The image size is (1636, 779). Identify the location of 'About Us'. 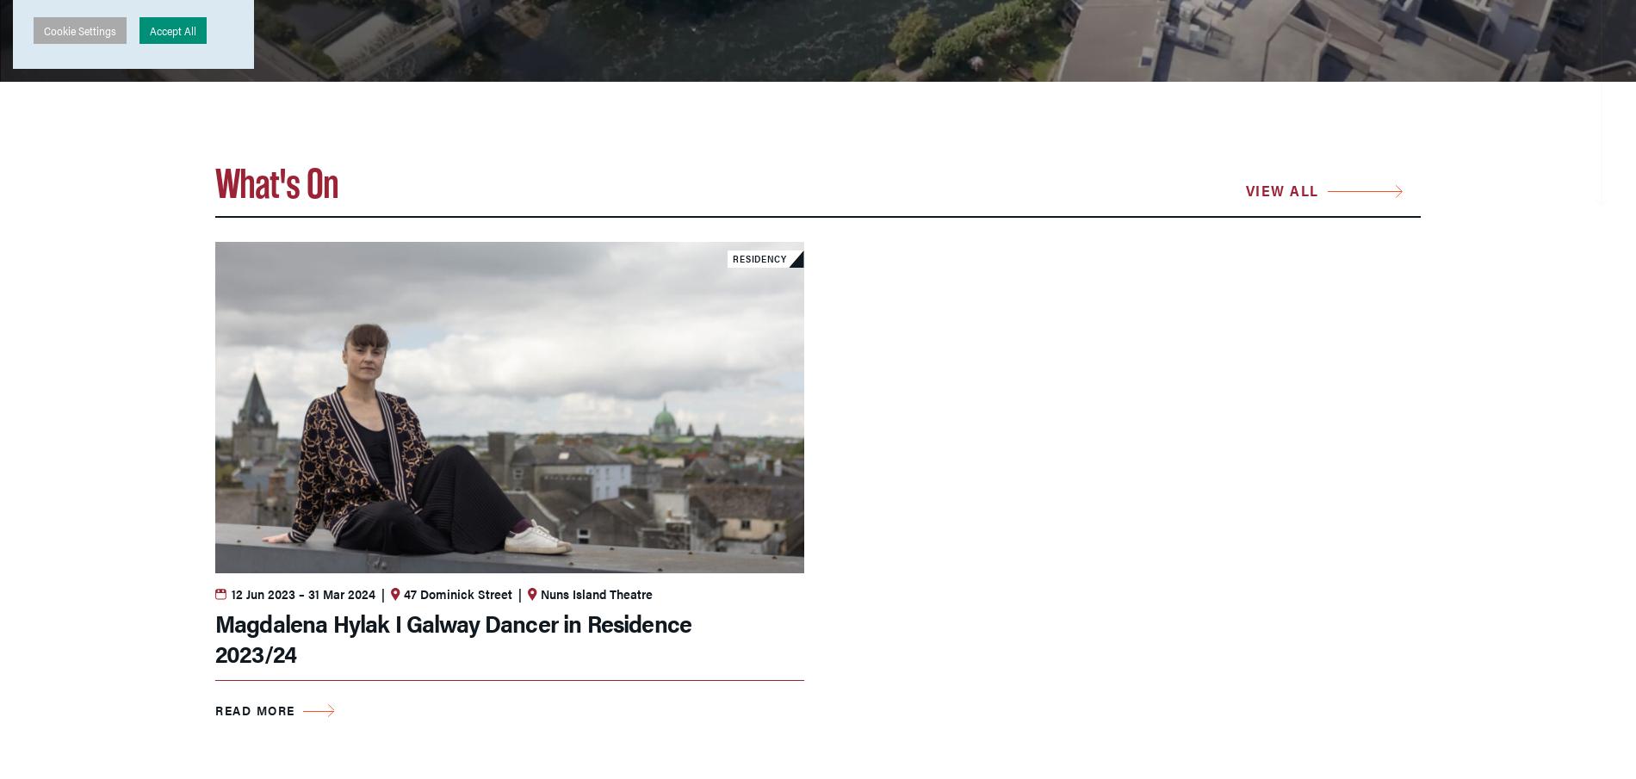
(62, 40).